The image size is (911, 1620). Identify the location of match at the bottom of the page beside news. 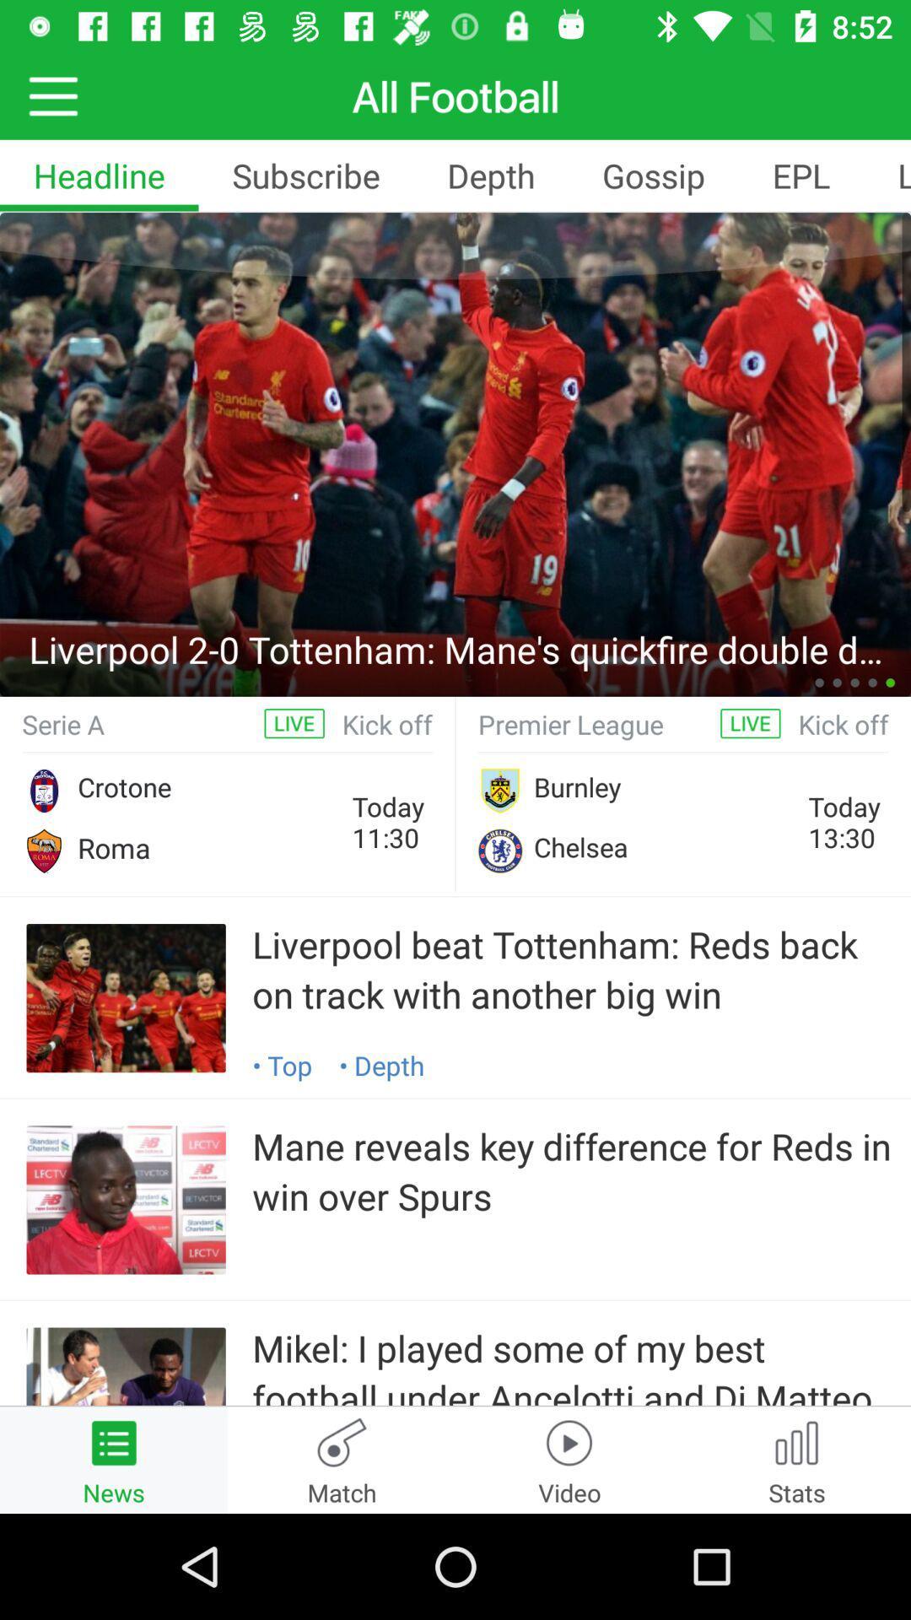
(342, 1459).